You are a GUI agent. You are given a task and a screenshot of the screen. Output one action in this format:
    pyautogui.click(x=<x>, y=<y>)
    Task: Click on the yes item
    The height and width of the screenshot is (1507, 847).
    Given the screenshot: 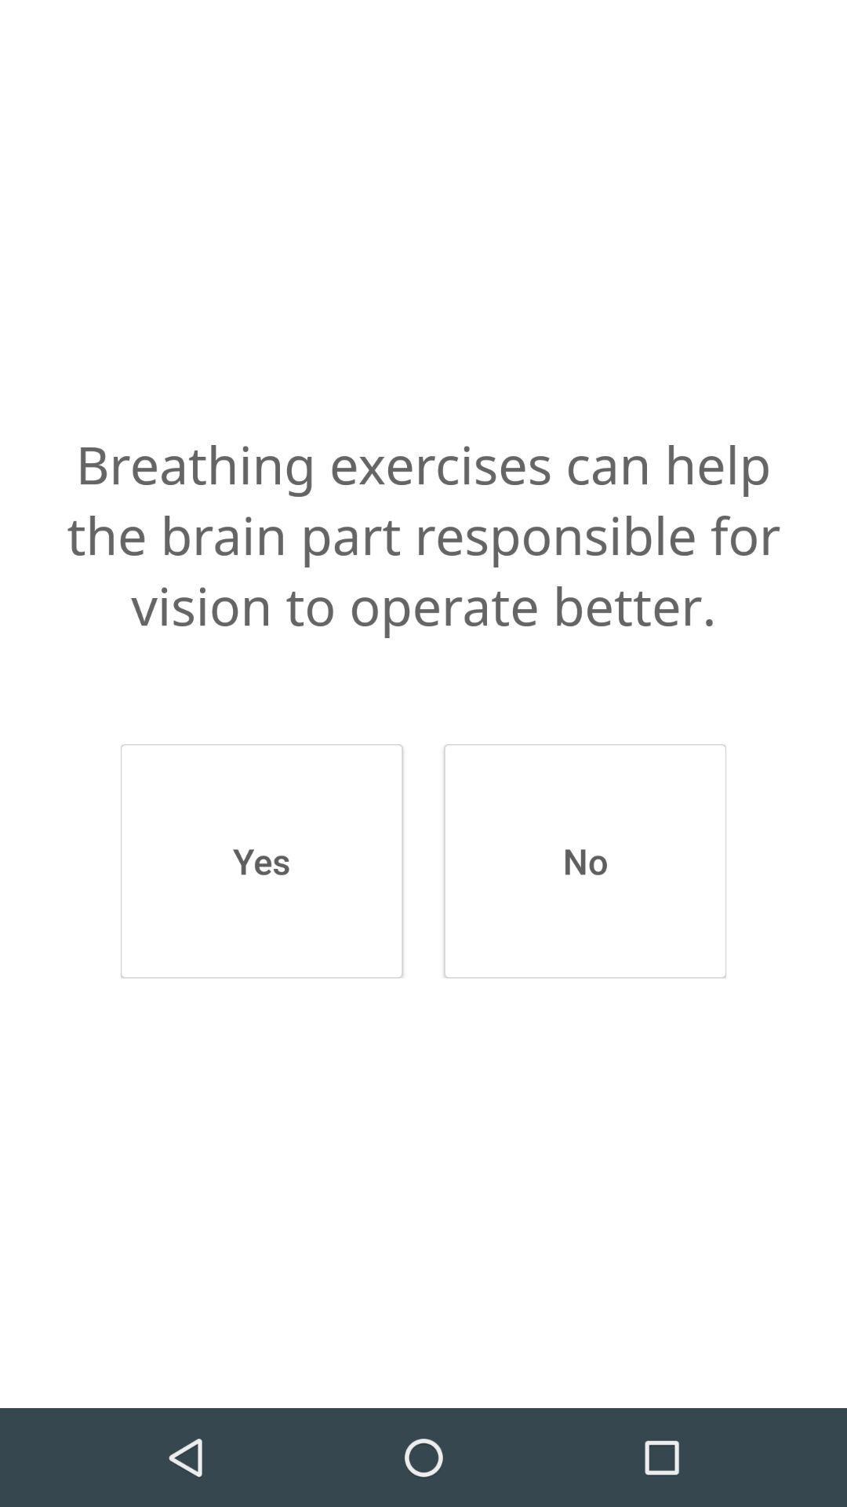 What is the action you would take?
    pyautogui.click(x=260, y=860)
    